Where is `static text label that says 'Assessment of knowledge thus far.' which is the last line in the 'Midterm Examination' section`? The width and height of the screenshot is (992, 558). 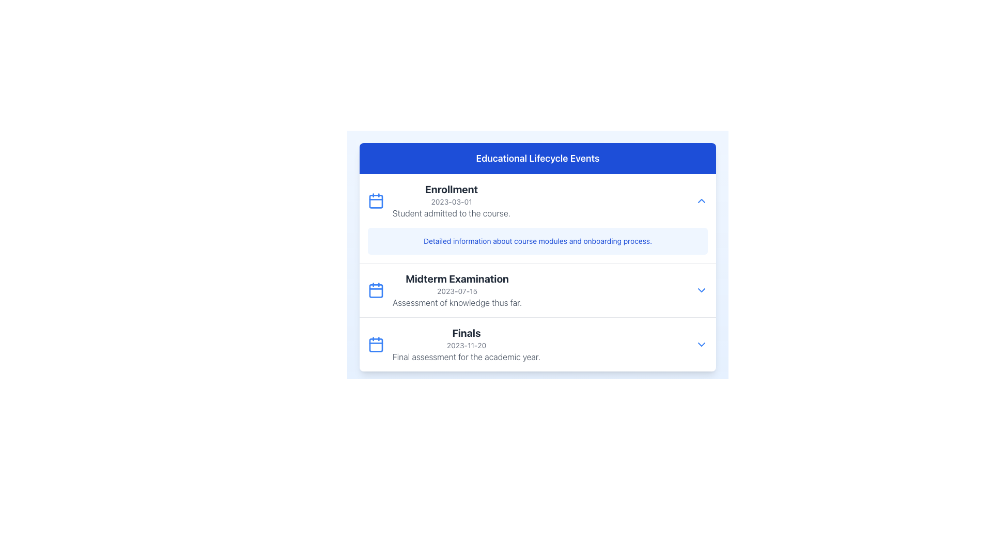
static text label that says 'Assessment of knowledge thus far.' which is the last line in the 'Midterm Examination' section is located at coordinates (457, 302).